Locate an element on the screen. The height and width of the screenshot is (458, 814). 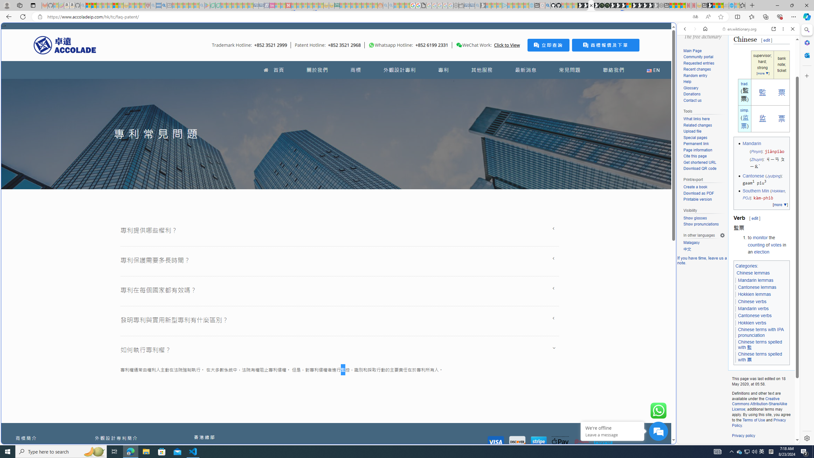
'What links here' is located at coordinates (704, 119).